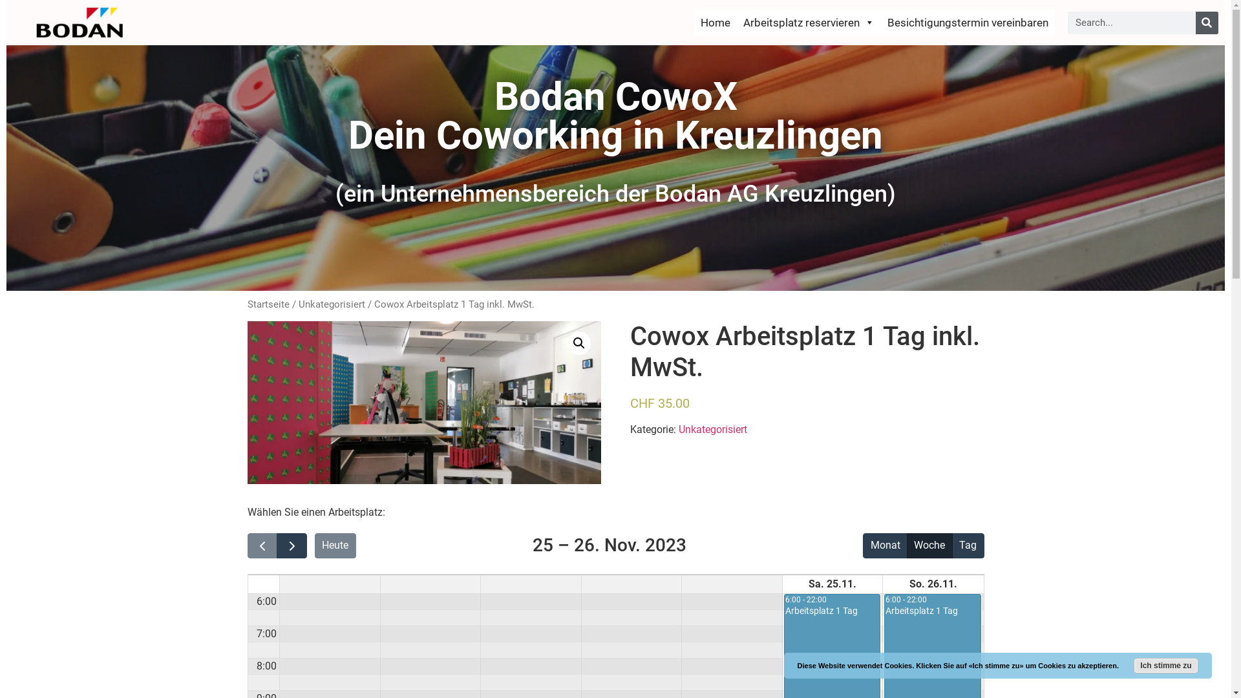  Describe the element at coordinates (267, 304) in the screenshot. I see `'Startseite'` at that location.